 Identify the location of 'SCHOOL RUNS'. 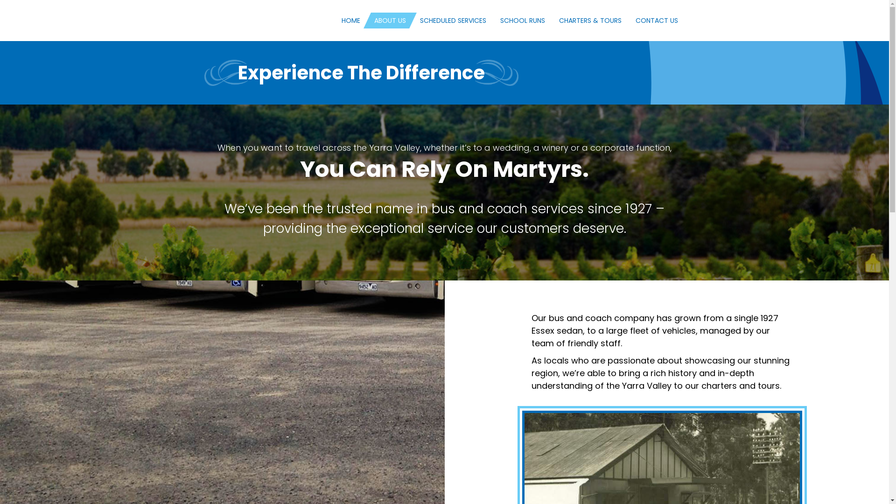
(518, 20).